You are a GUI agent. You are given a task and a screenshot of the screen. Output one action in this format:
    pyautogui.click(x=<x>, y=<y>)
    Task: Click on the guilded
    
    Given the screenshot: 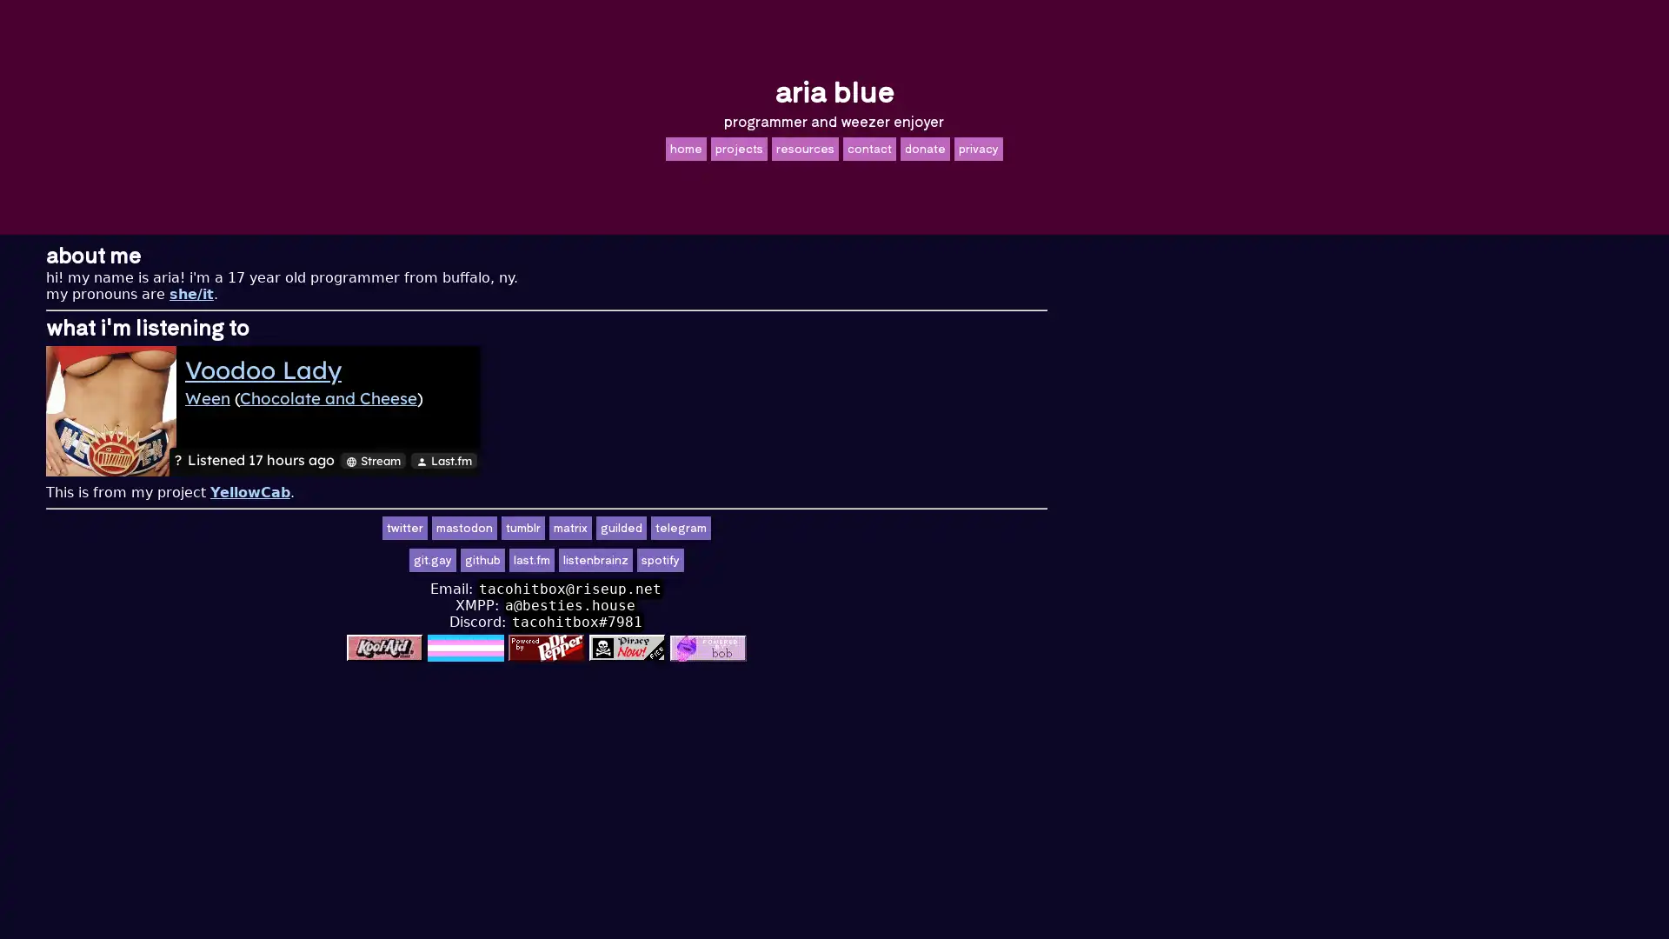 What is the action you would take?
    pyautogui.click(x=908, y=527)
    